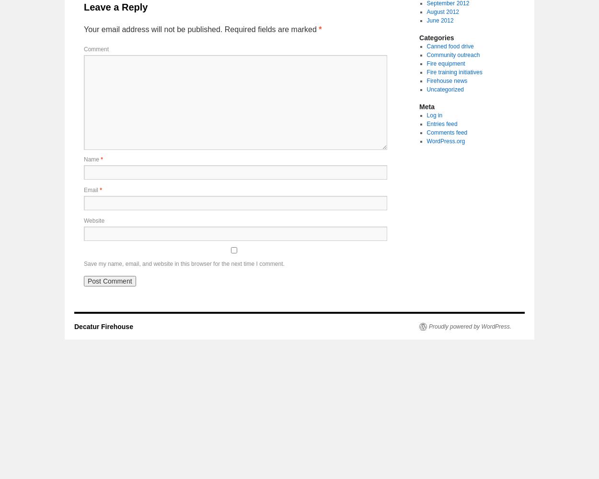  What do you see at coordinates (91, 190) in the screenshot?
I see `'Email'` at bounding box center [91, 190].